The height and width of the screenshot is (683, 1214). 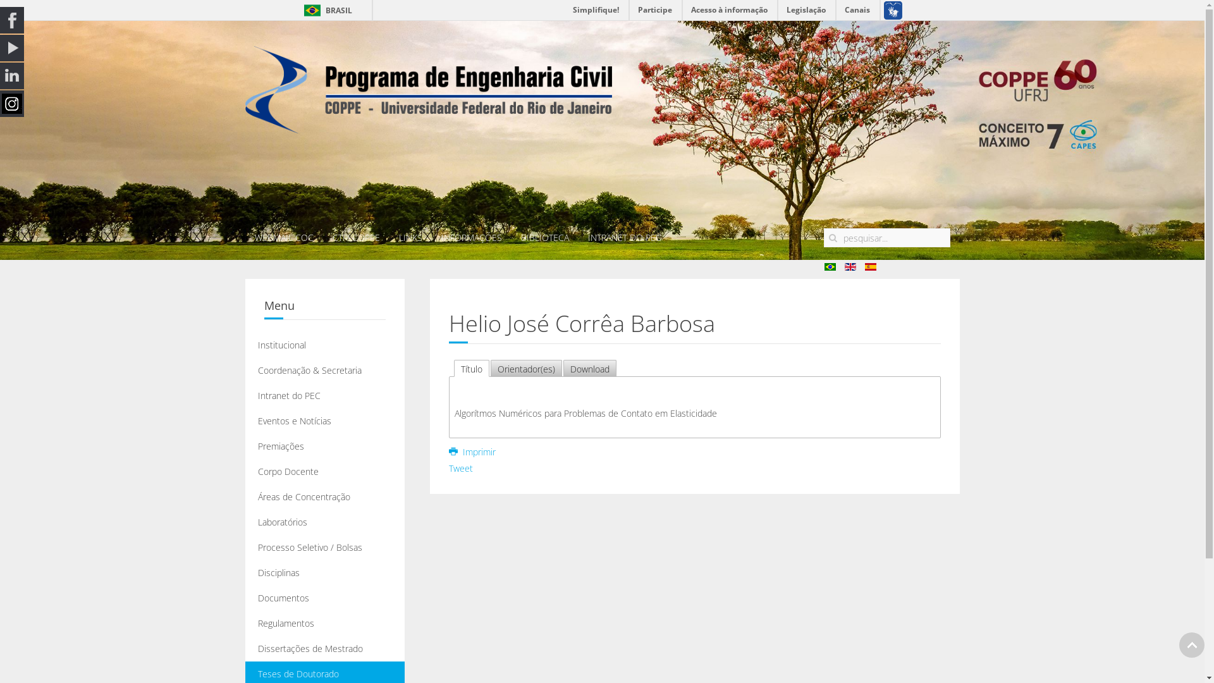 I want to click on 'Institucional', so click(x=325, y=345).